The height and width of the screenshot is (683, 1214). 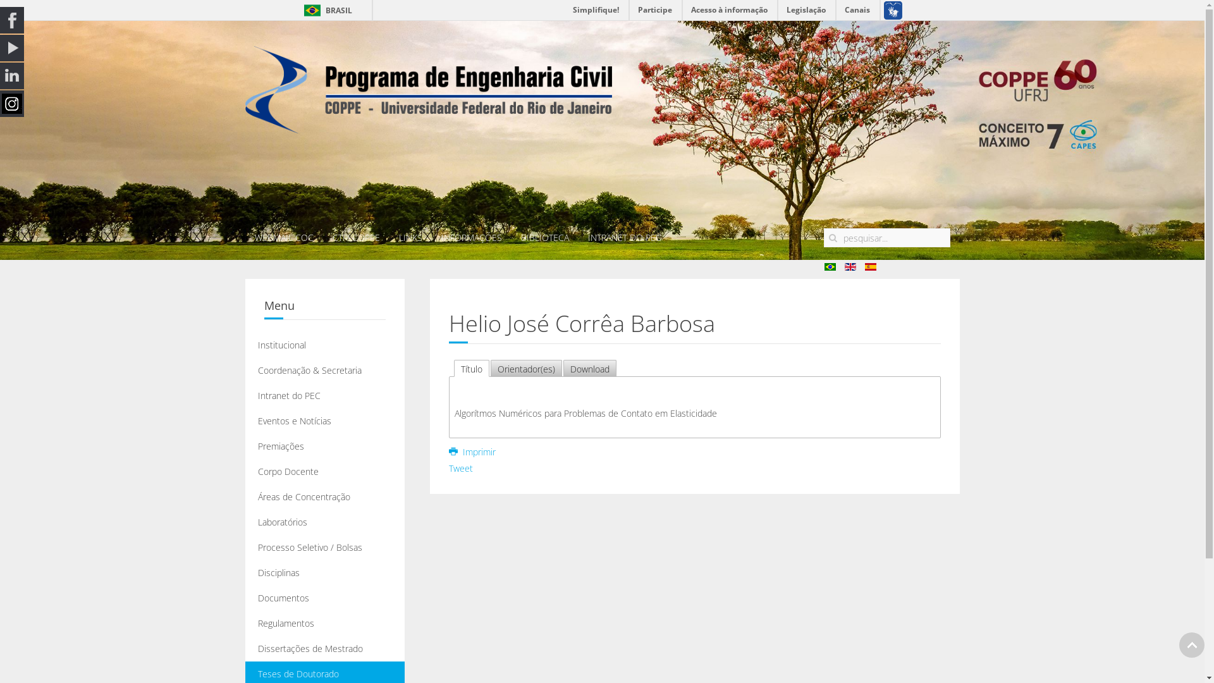 I want to click on 'Institucional', so click(x=325, y=345).